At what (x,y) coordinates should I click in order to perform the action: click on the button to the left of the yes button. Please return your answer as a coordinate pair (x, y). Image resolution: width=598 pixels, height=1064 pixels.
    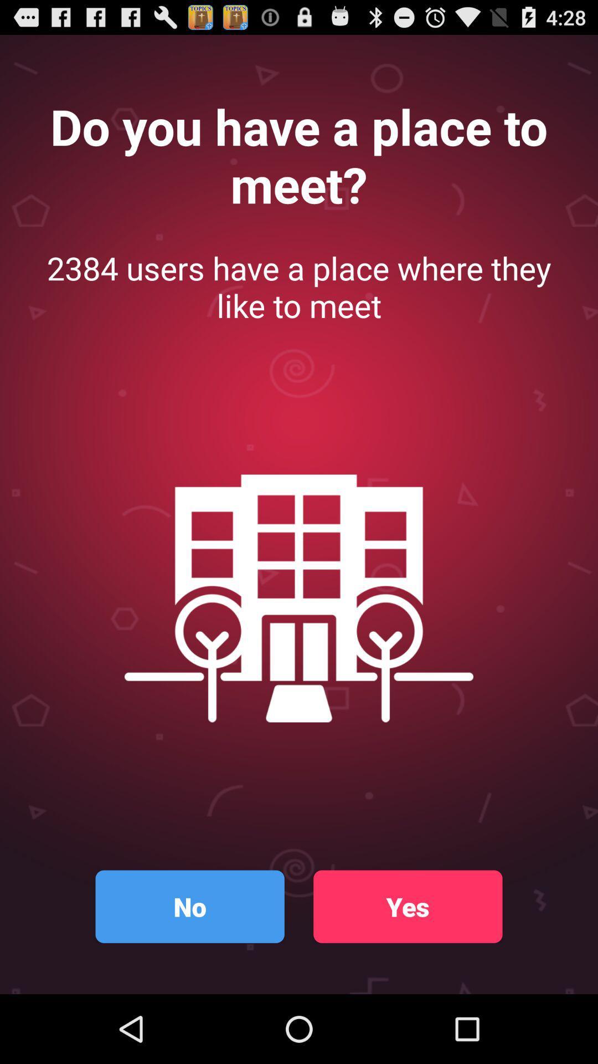
    Looking at the image, I should click on (189, 907).